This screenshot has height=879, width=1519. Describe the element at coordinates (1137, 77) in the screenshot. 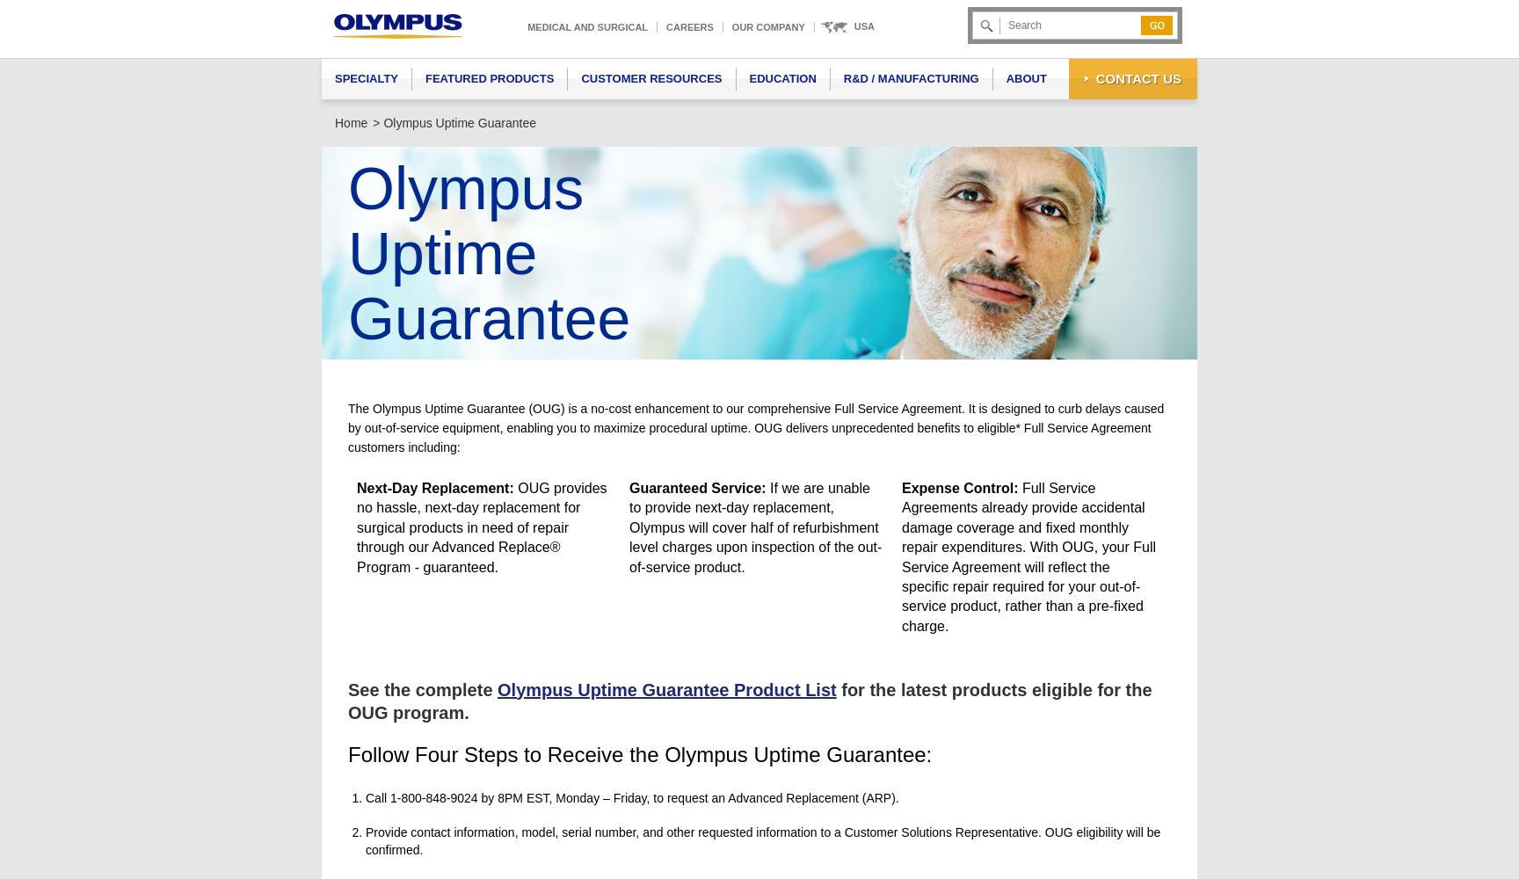

I see `'Contact Us'` at that location.